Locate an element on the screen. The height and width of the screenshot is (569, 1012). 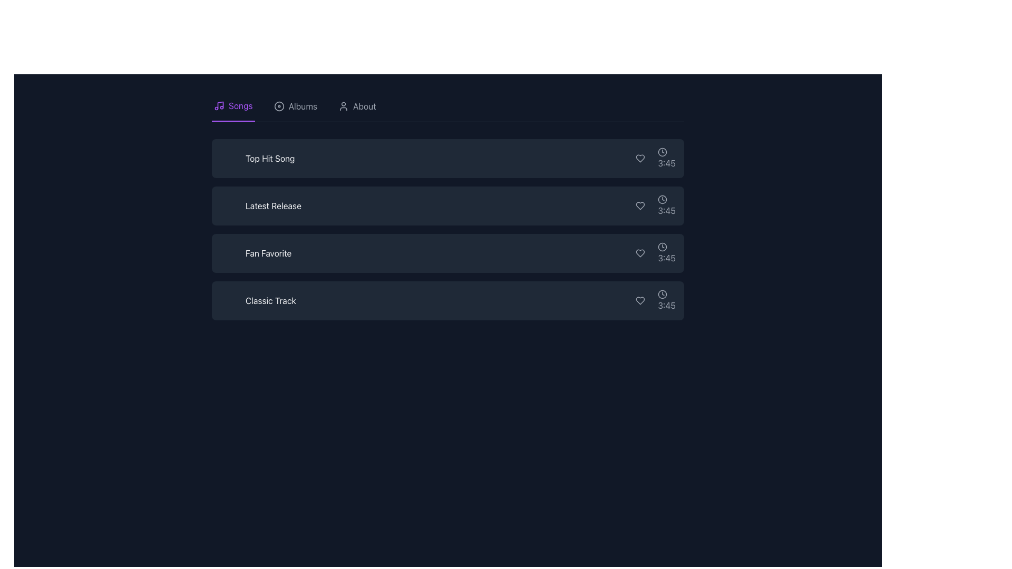
the text label indicating the duration of the associated track, located next to 'Classic Track' and to the right of the heart-shaped icon in the fourth item of the list is located at coordinates (666, 300).